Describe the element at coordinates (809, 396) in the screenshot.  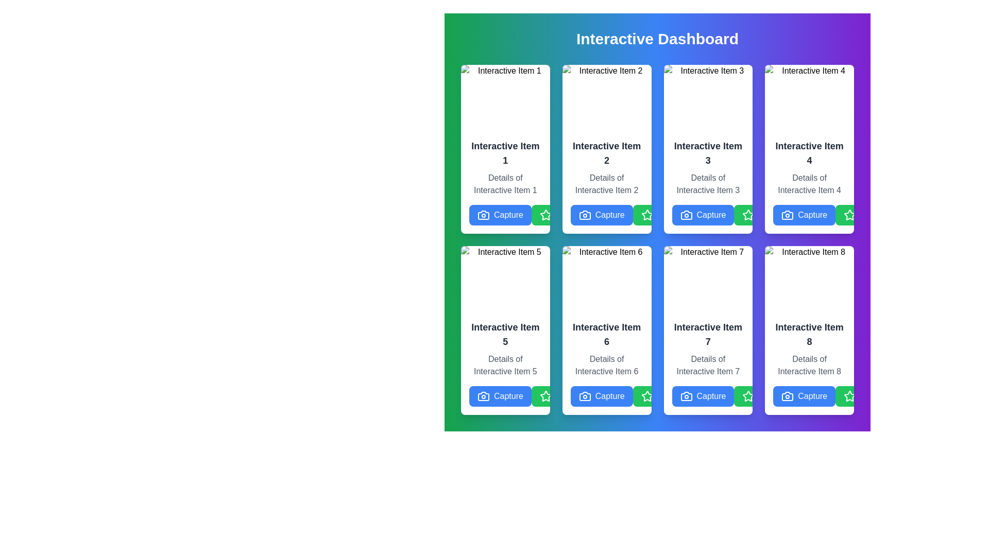
I see `the blue rounded rectangular button labeled 'Capture'` at that location.